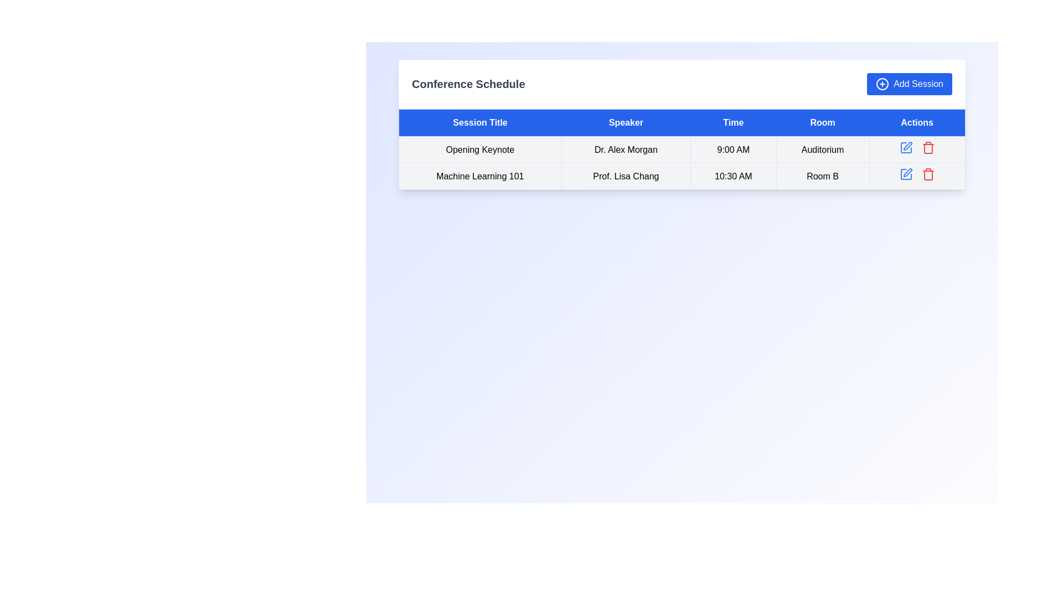  What do you see at coordinates (907, 145) in the screenshot?
I see `the SVG icon in the 'Actions' column of the second row of the table` at bounding box center [907, 145].